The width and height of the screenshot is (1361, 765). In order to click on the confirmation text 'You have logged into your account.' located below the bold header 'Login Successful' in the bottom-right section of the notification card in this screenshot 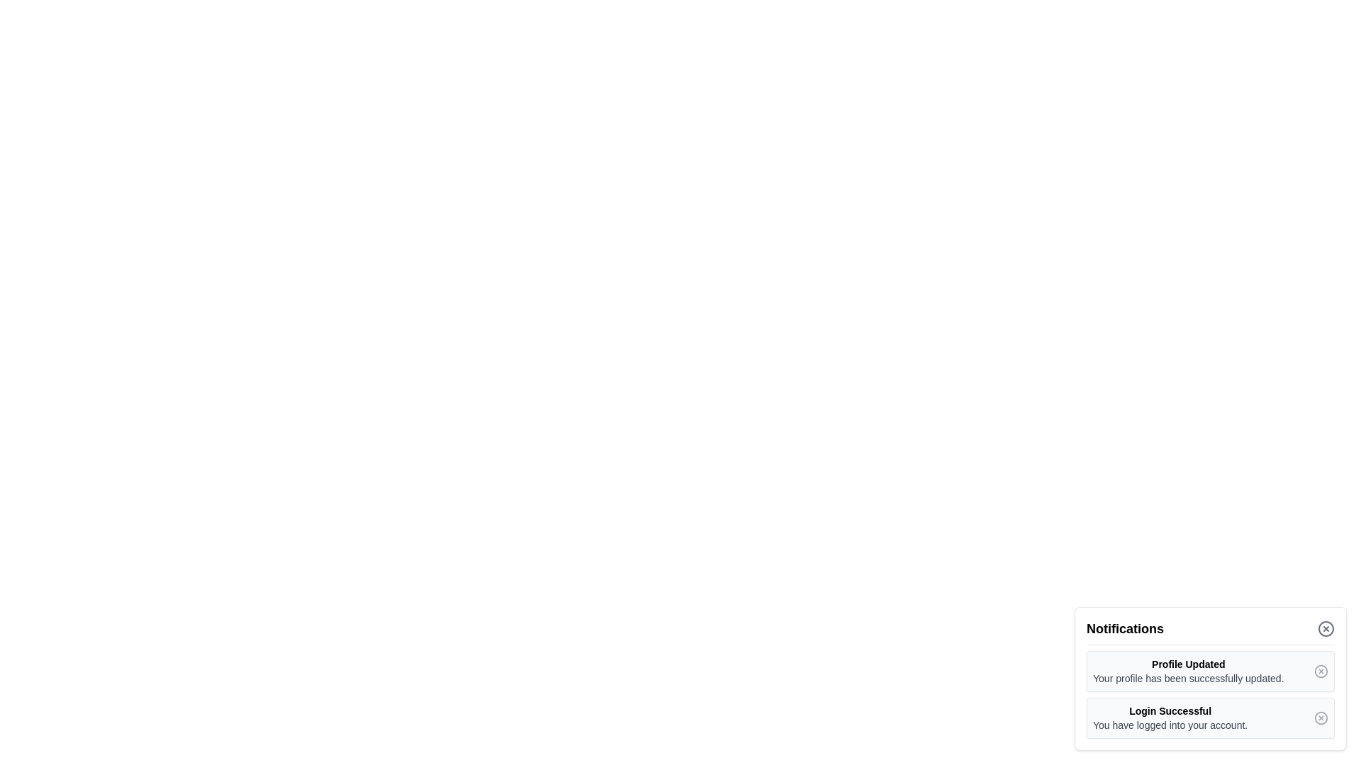, I will do `click(1170, 725)`.